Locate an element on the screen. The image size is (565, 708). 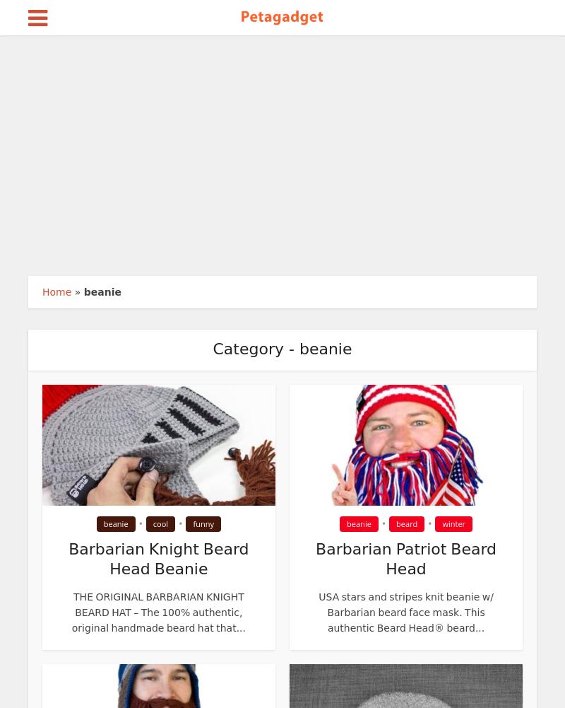
'winter' is located at coordinates (453, 523).